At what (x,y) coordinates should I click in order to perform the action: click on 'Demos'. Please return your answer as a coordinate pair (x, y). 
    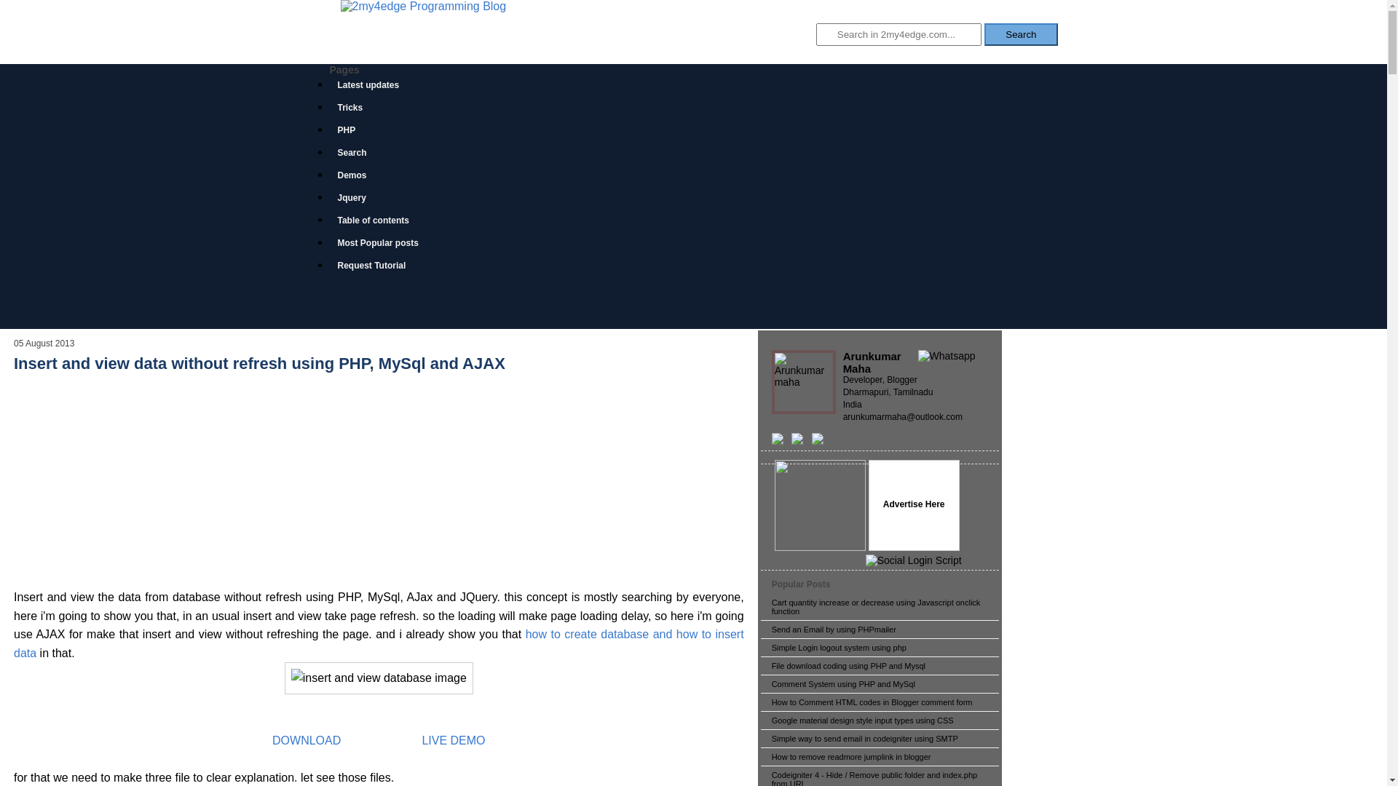
    Looking at the image, I should click on (358, 176).